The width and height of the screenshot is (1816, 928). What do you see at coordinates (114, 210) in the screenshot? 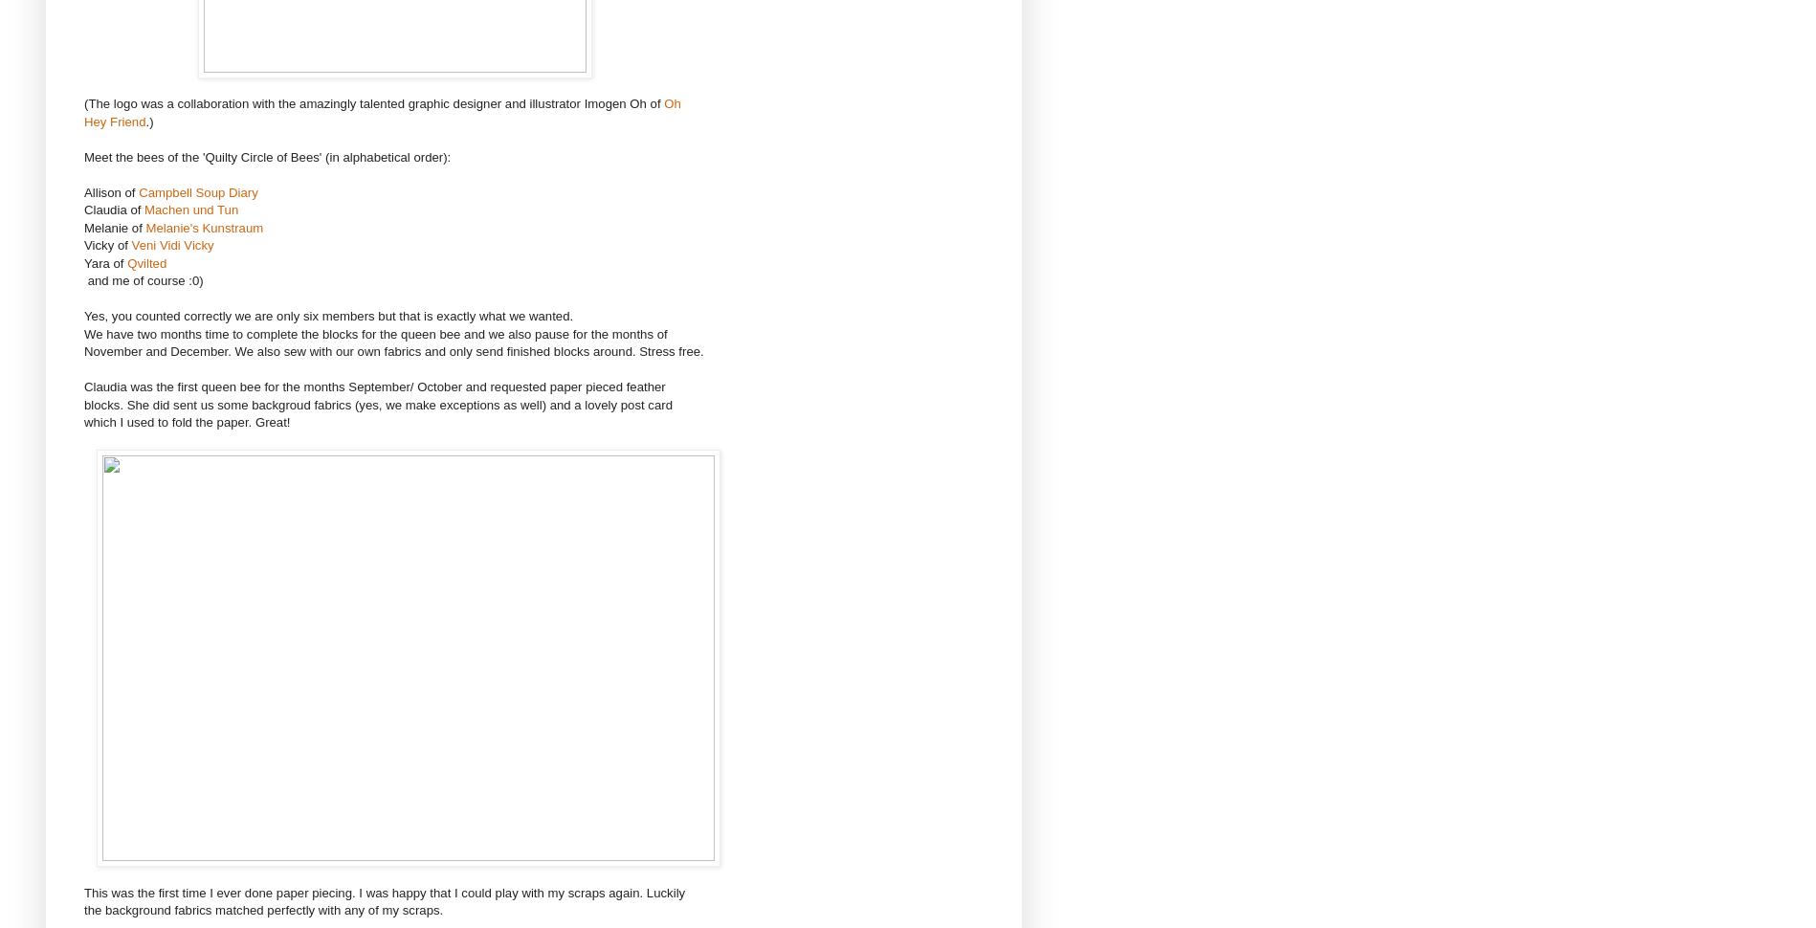
I see `'Claudia of'` at bounding box center [114, 210].